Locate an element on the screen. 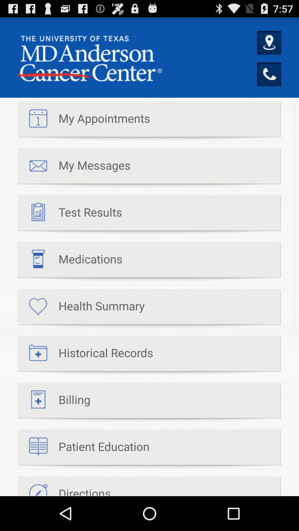  the item above test results icon is located at coordinates (74, 168).